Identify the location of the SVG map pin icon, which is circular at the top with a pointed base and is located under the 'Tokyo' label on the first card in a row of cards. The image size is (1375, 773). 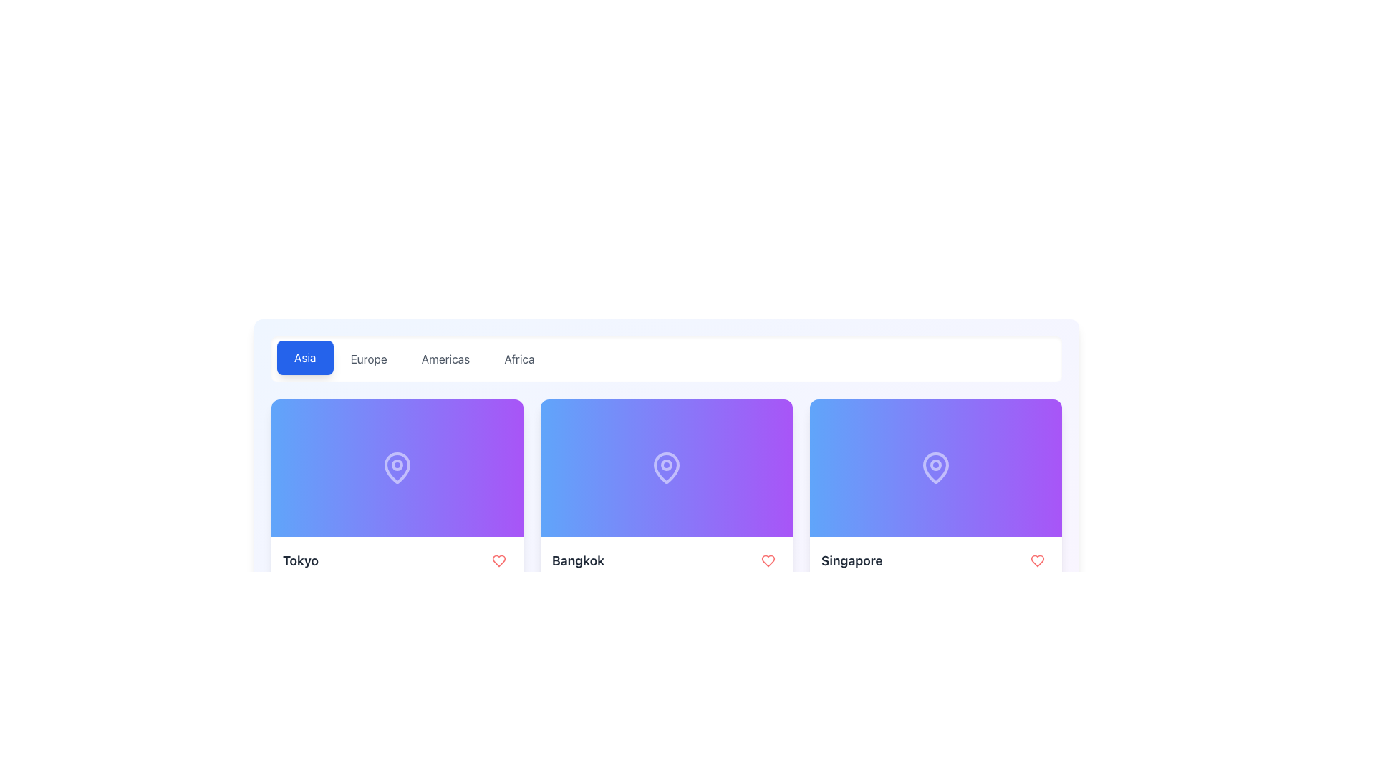
(397, 468).